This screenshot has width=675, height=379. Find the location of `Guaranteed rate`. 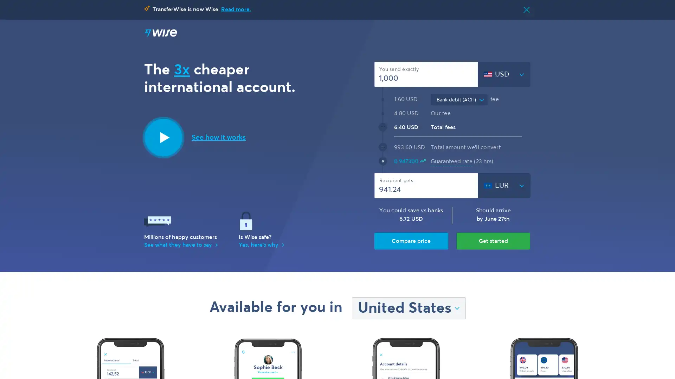

Guaranteed rate is located at coordinates (451, 161).